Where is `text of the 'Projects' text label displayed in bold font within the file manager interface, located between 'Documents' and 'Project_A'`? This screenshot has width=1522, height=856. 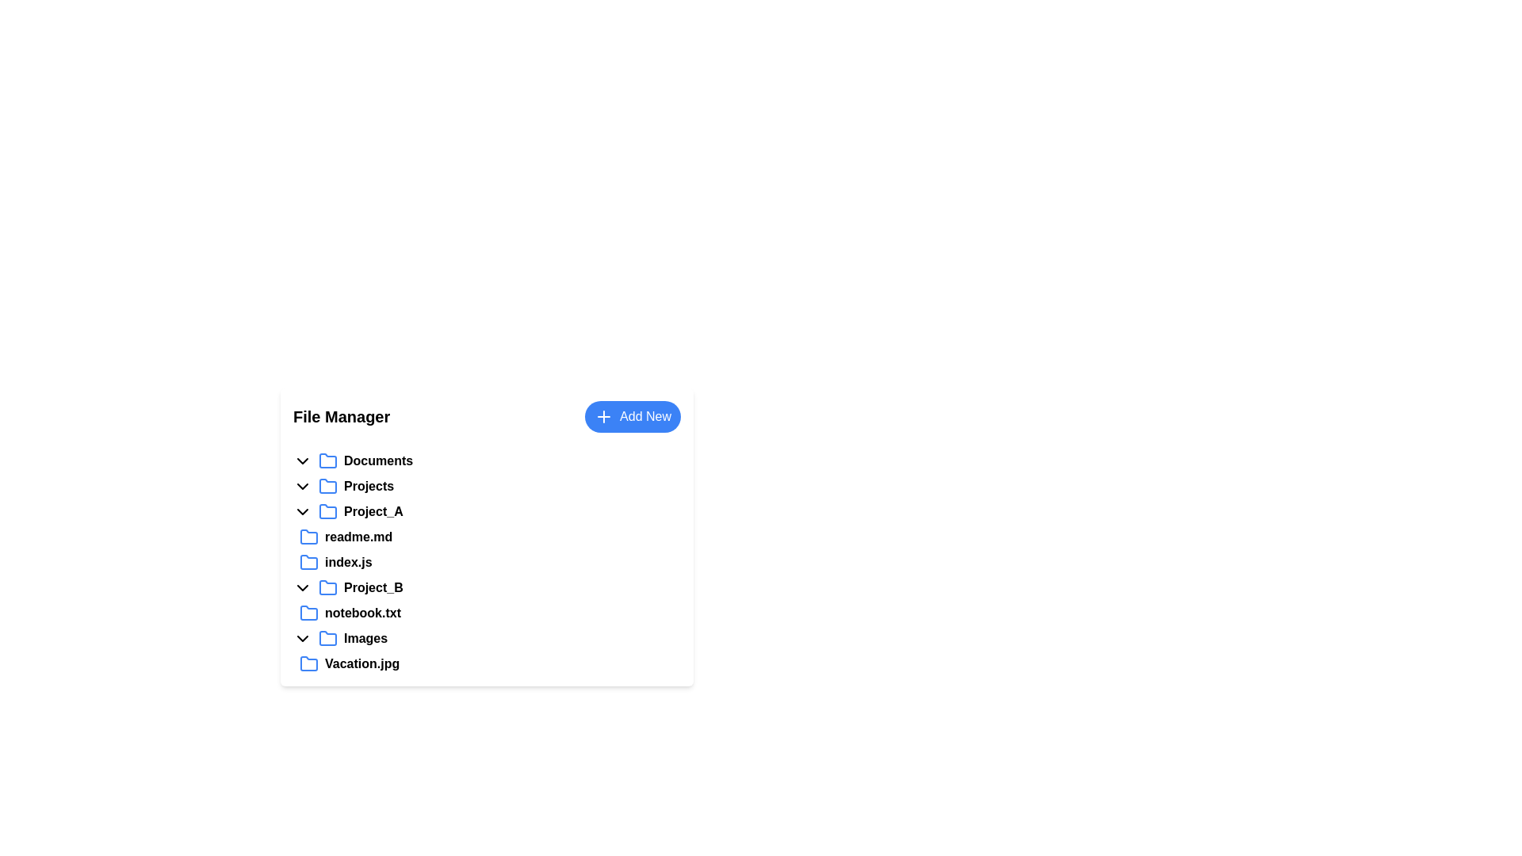
text of the 'Projects' text label displayed in bold font within the file manager interface, located between 'Documents' and 'Project_A' is located at coordinates (368, 485).